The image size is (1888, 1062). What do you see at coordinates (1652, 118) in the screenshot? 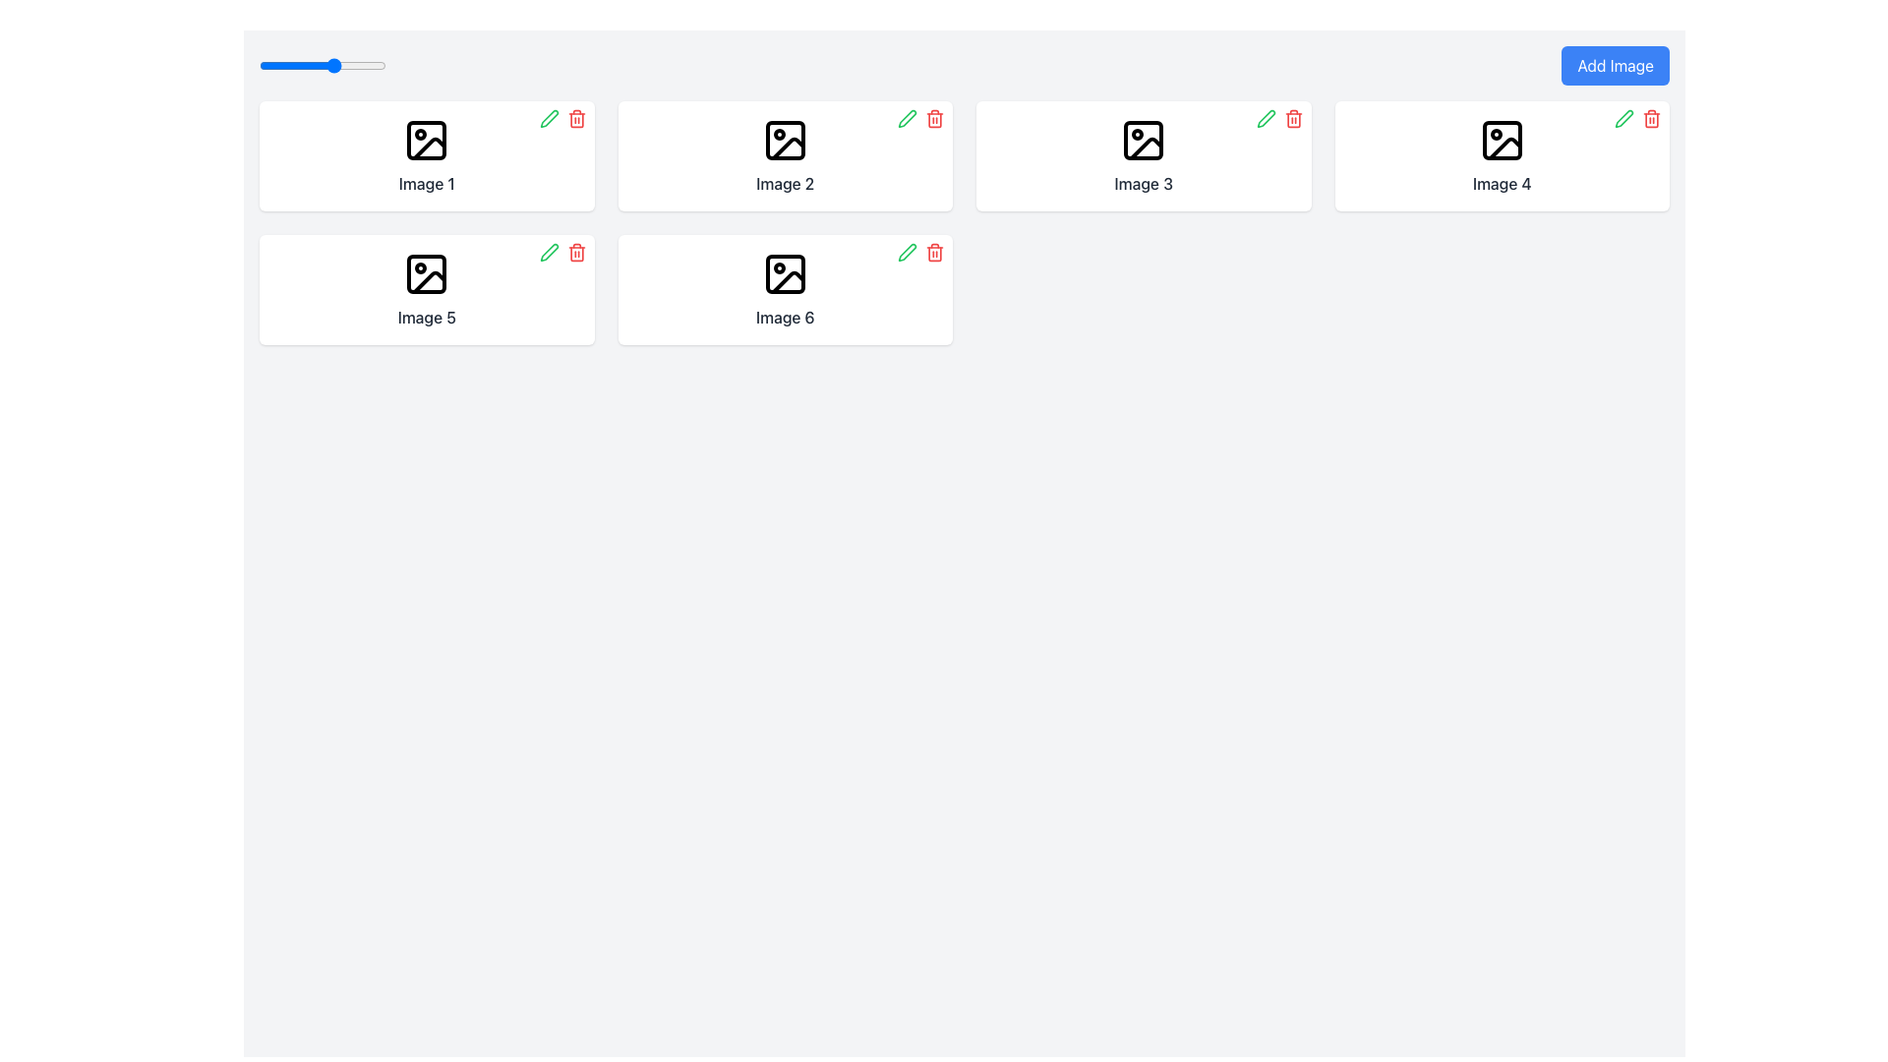
I see `the red trash can icon located in the upper-right corner of the image card` at bounding box center [1652, 118].